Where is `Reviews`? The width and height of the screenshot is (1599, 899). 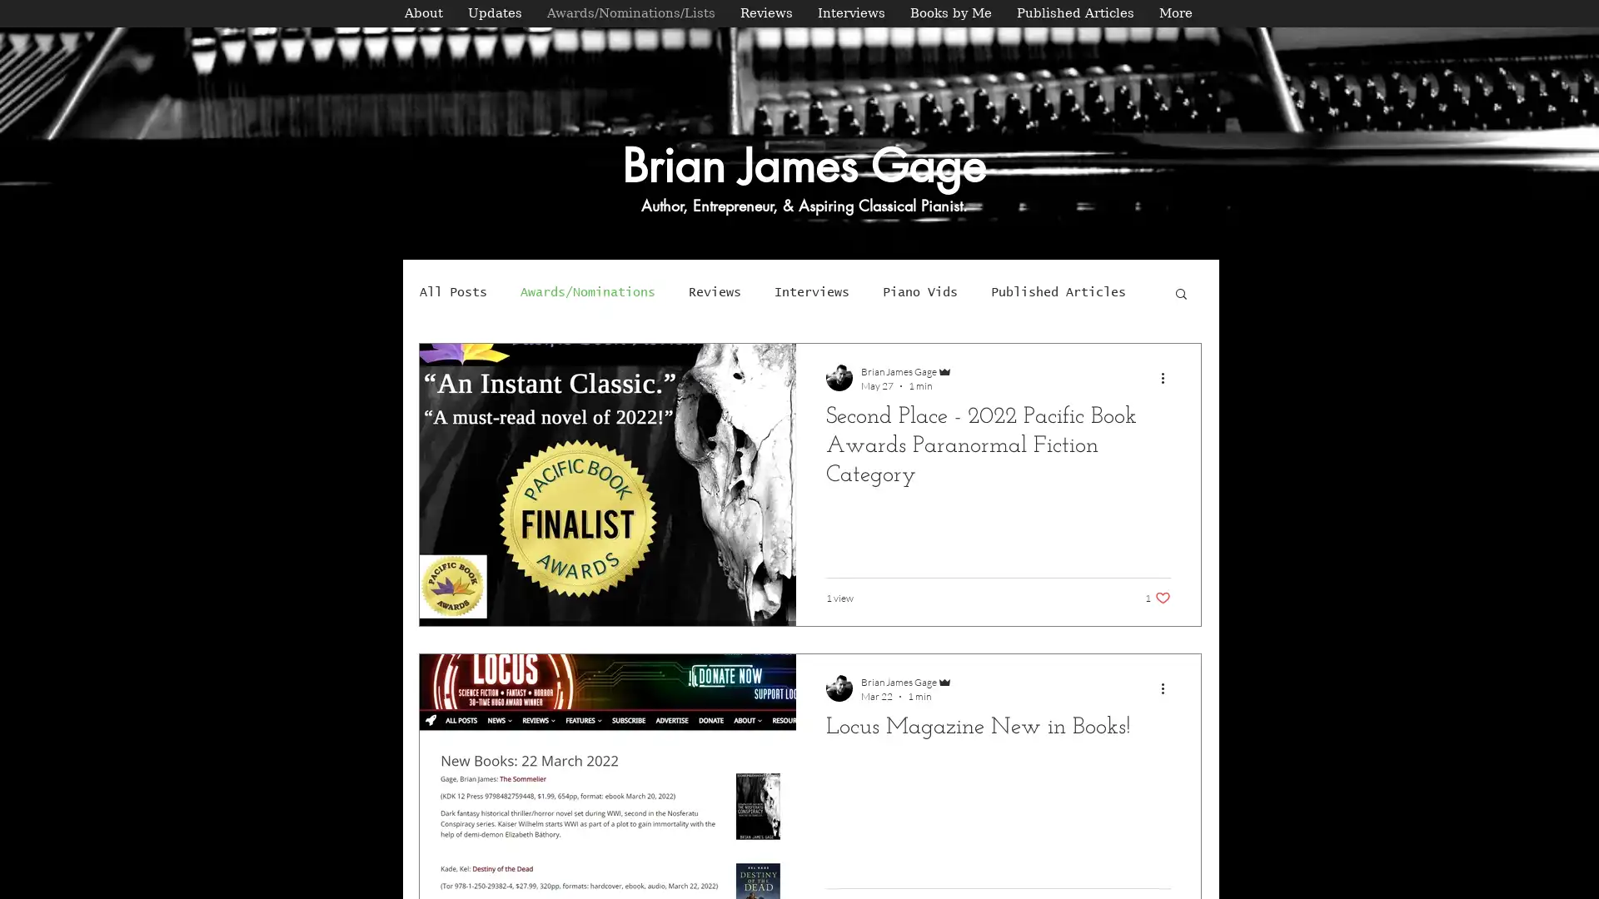 Reviews is located at coordinates (715, 291).